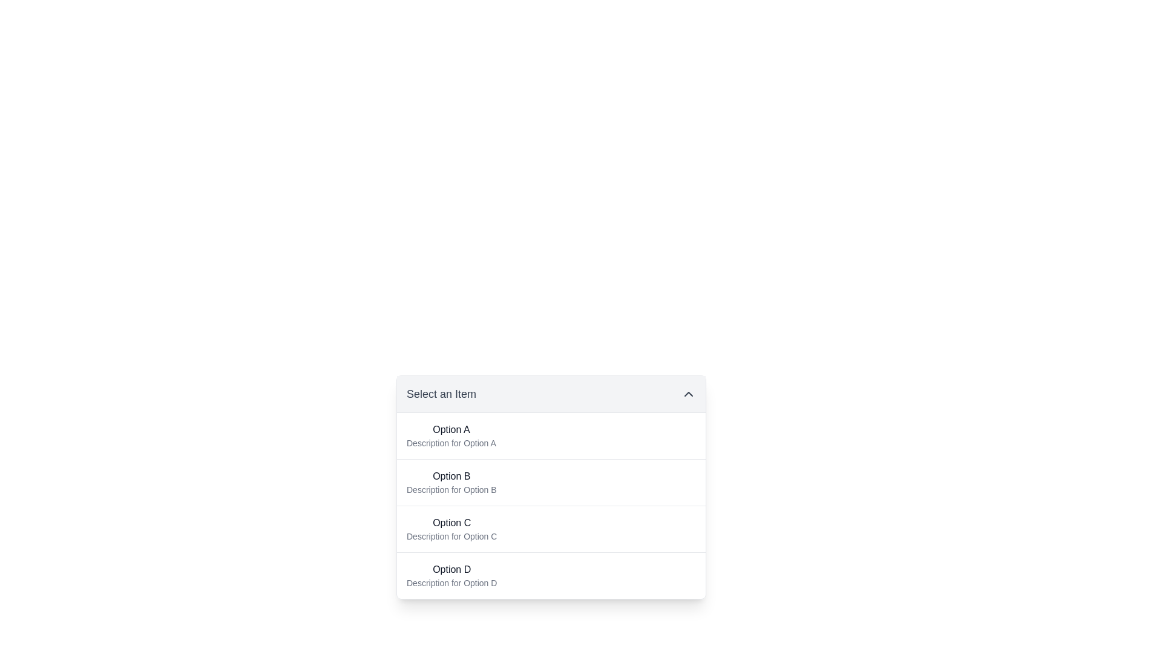 The width and height of the screenshot is (1162, 654). What do you see at coordinates (551, 527) in the screenshot?
I see `the selectable option 'Option C' in the dropdown menu to trigger possible visual feedback` at bounding box center [551, 527].